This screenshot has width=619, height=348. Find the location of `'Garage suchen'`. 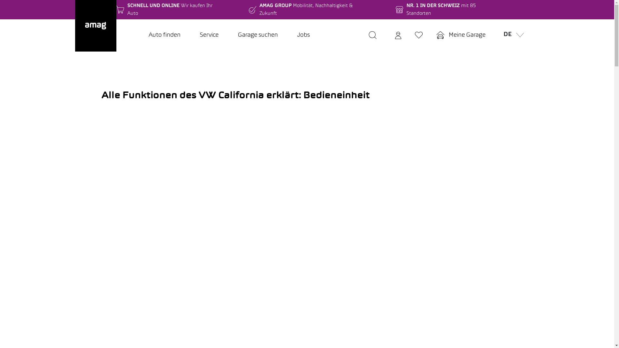

'Garage suchen' is located at coordinates (258, 35).